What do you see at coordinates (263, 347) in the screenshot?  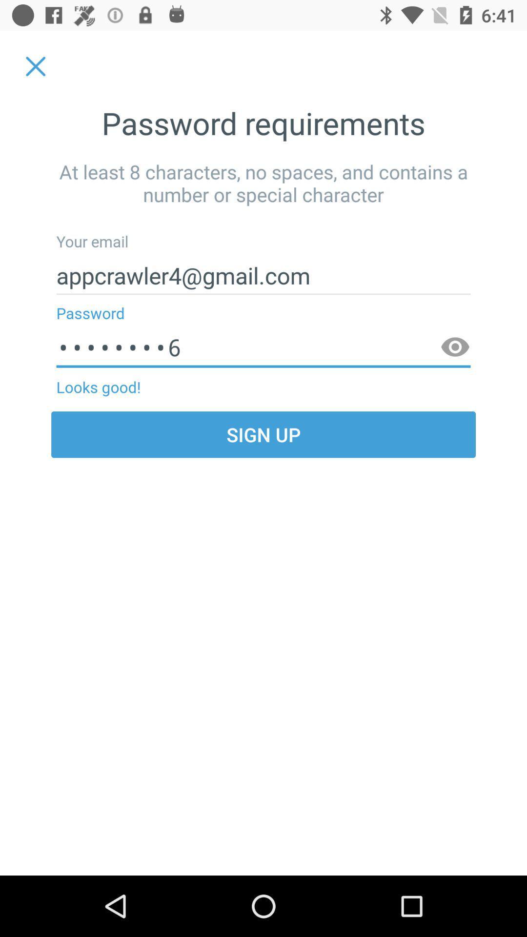 I see `icon below appcrawler4@gmail.com item` at bounding box center [263, 347].